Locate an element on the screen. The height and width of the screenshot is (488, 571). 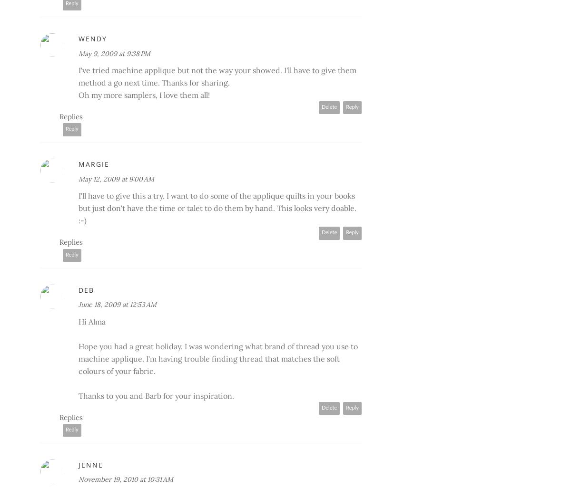
'Thanks to you and Barb for your inspiration.' is located at coordinates (156, 395).